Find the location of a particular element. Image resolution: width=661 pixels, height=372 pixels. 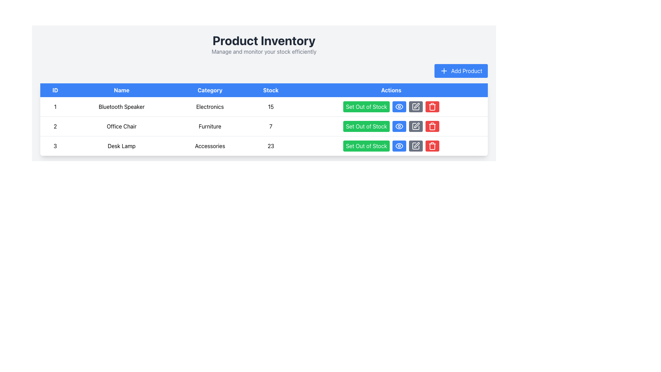

the trash bin icon button located in the last column of the 'Desk Lamp' row under the 'Actions' header to initiate a delete action is located at coordinates (432, 126).